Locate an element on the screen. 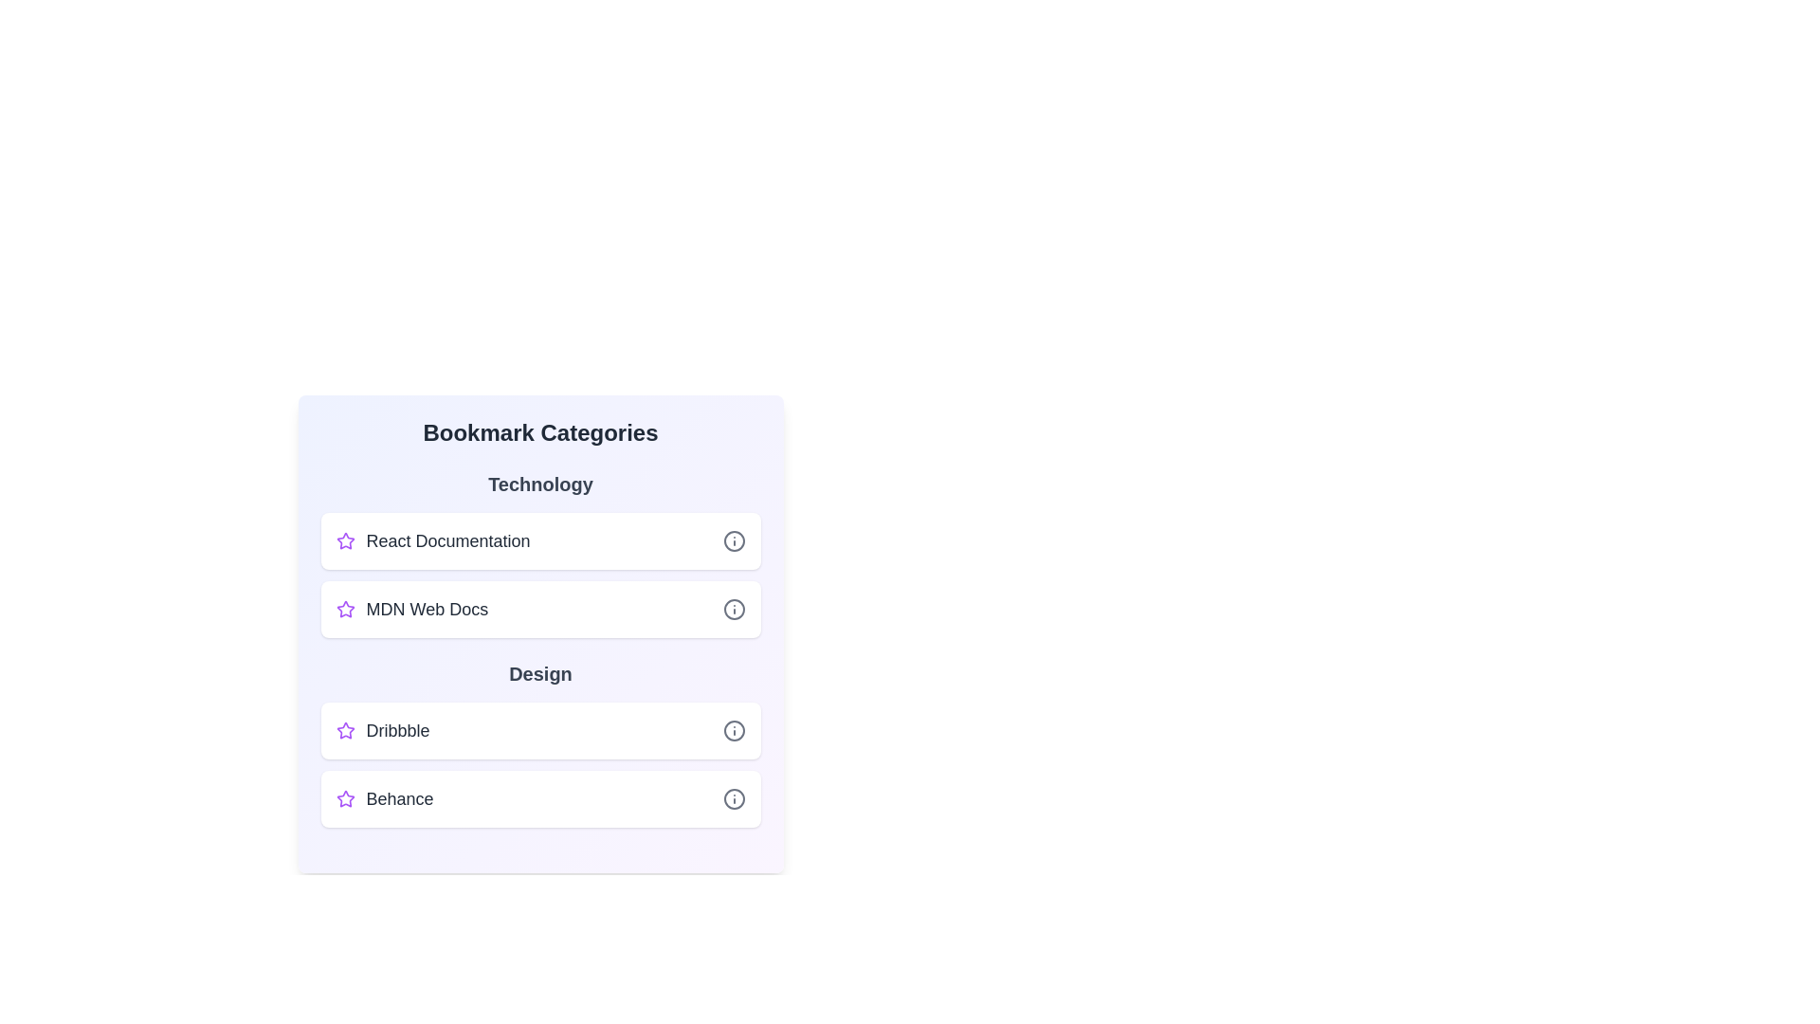 The height and width of the screenshot is (1024, 1820). information icon next to the bookmark titled Behance is located at coordinates (733, 799).